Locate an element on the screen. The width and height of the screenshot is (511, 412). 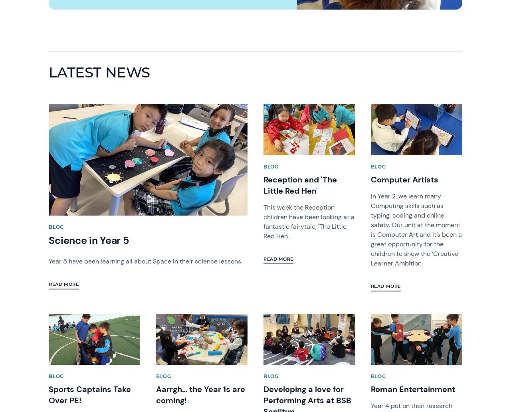
'Year 5 have been learning all about Space in their science lessons.' is located at coordinates (146, 260).